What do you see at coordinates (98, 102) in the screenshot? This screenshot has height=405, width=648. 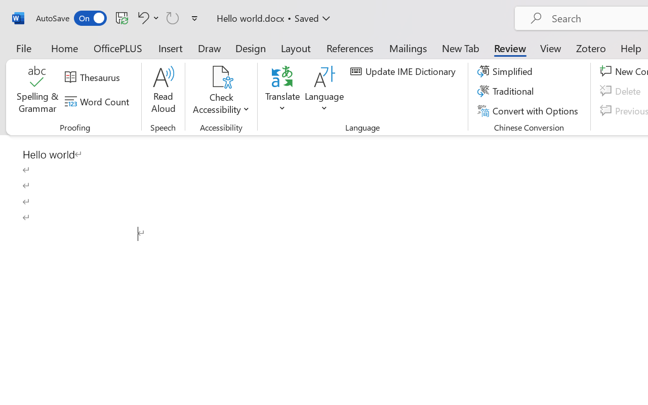 I see `'Word Count'` at bounding box center [98, 102].